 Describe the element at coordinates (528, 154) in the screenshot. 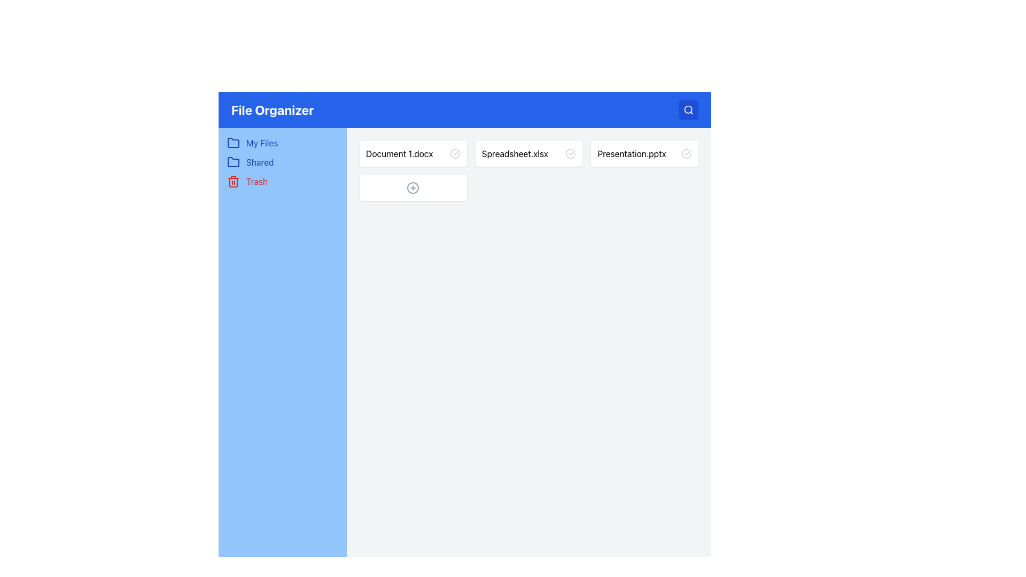

I see `the file entry labeled 'Spreadsheet.xlsx'` at that location.